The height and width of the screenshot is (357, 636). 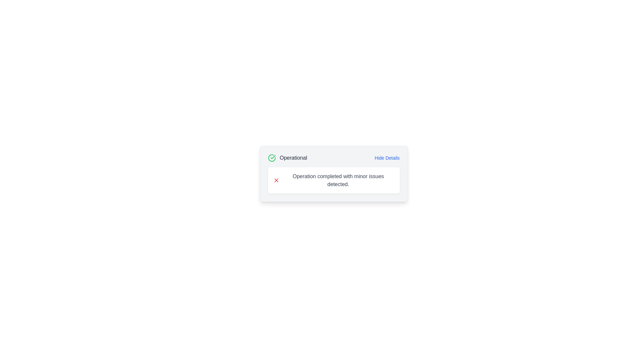 I want to click on the 'Operational' label, which is displayed in gray and is located to the right of a green check icon, so click(x=287, y=158).